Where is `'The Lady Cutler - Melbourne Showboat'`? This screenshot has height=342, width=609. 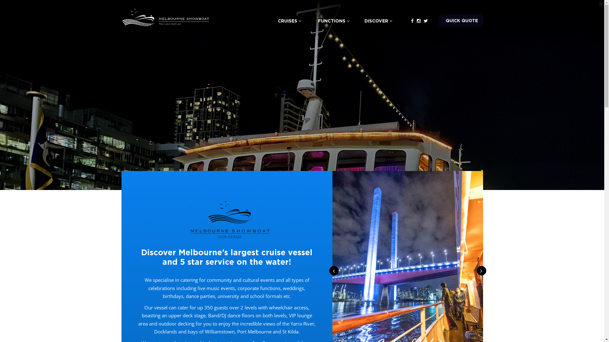 'The Lady Cutler - Melbourne Showboat' is located at coordinates (166, 16).